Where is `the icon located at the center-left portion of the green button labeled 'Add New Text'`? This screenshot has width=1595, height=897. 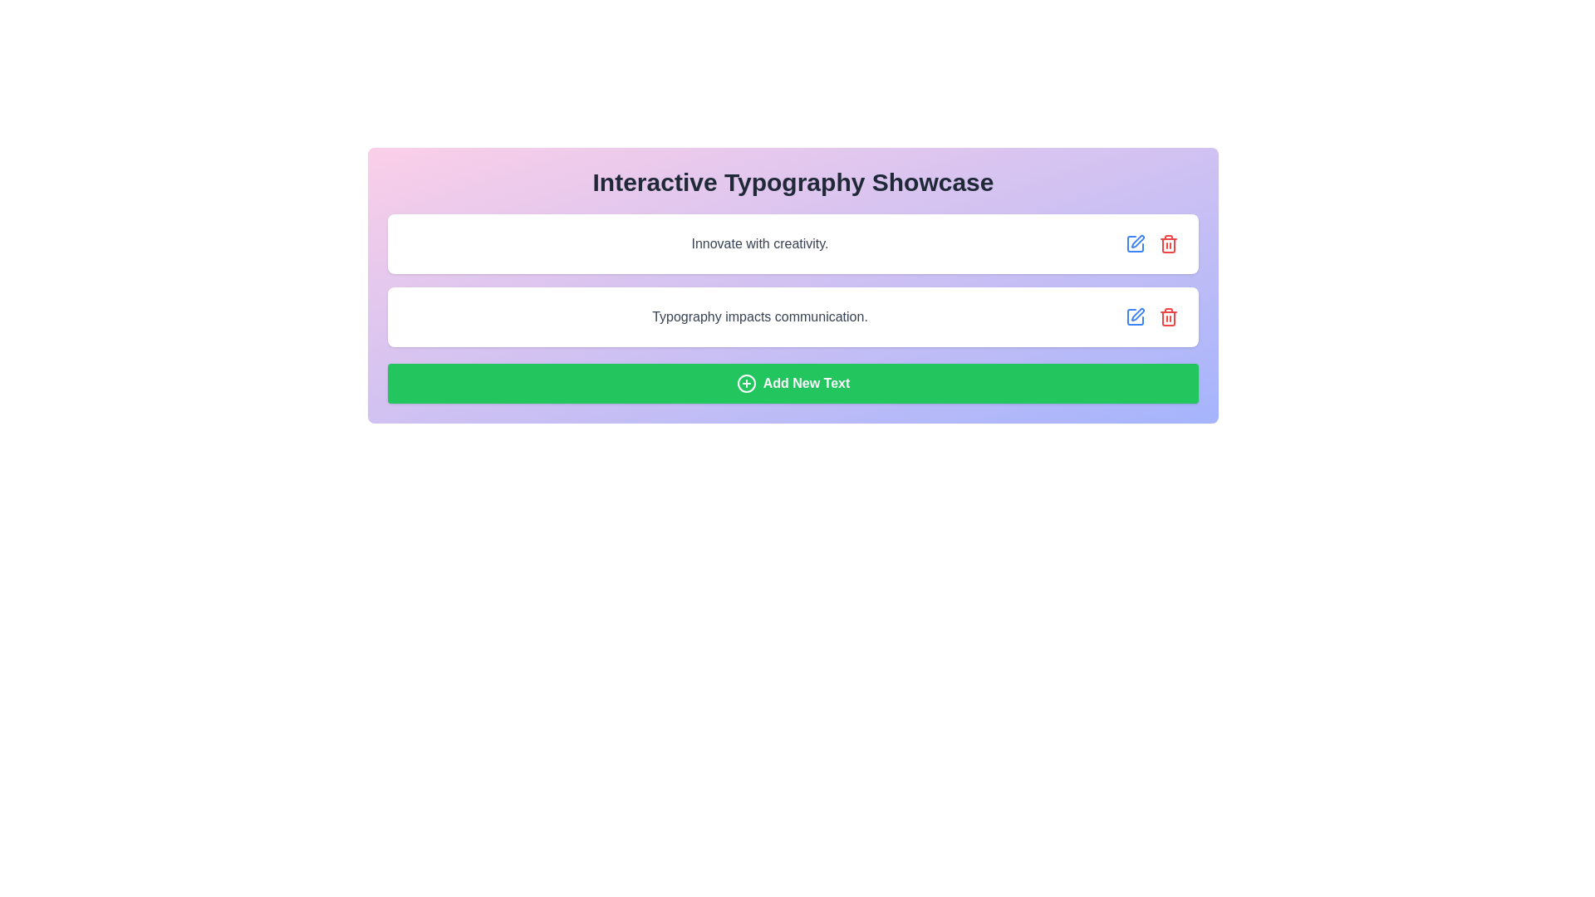 the icon located at the center-left portion of the green button labeled 'Add New Text' is located at coordinates (745, 384).